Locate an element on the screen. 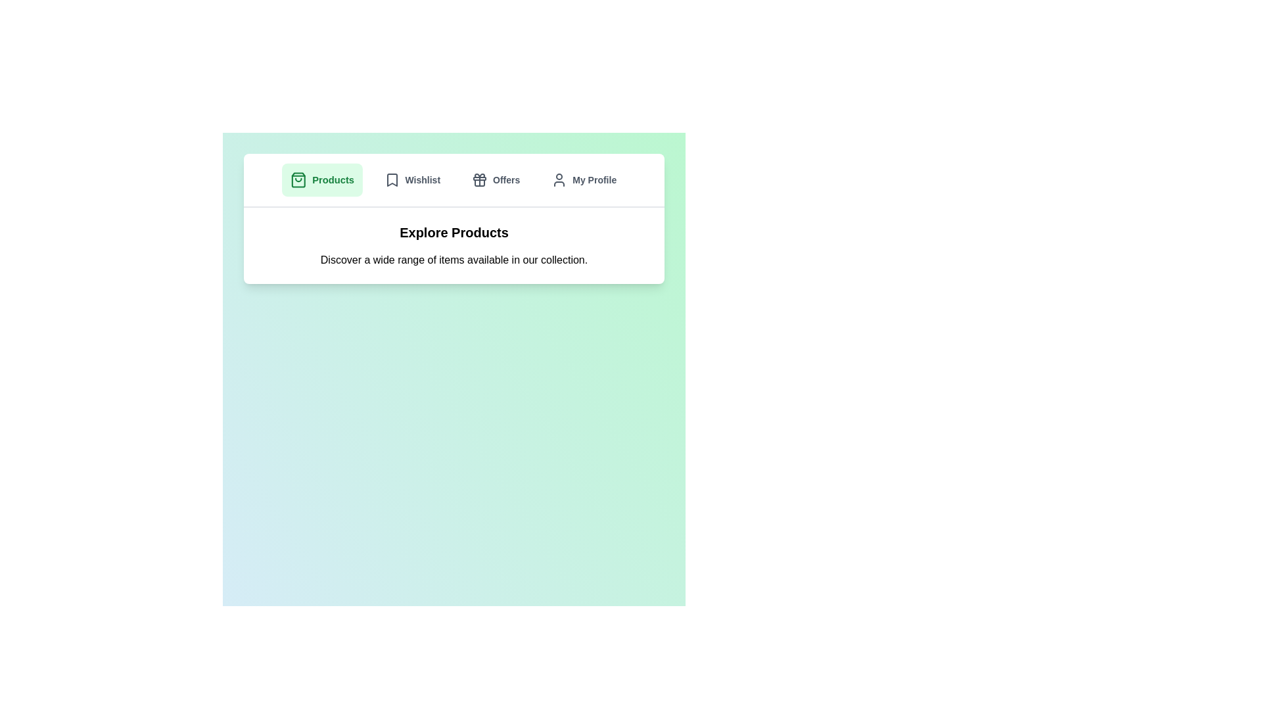 Image resolution: width=1262 pixels, height=710 pixels. the user profile icon, which is a small circular icon with a stroke design, located within the 'My Profile' button in the upper navigation bar is located at coordinates (559, 179).